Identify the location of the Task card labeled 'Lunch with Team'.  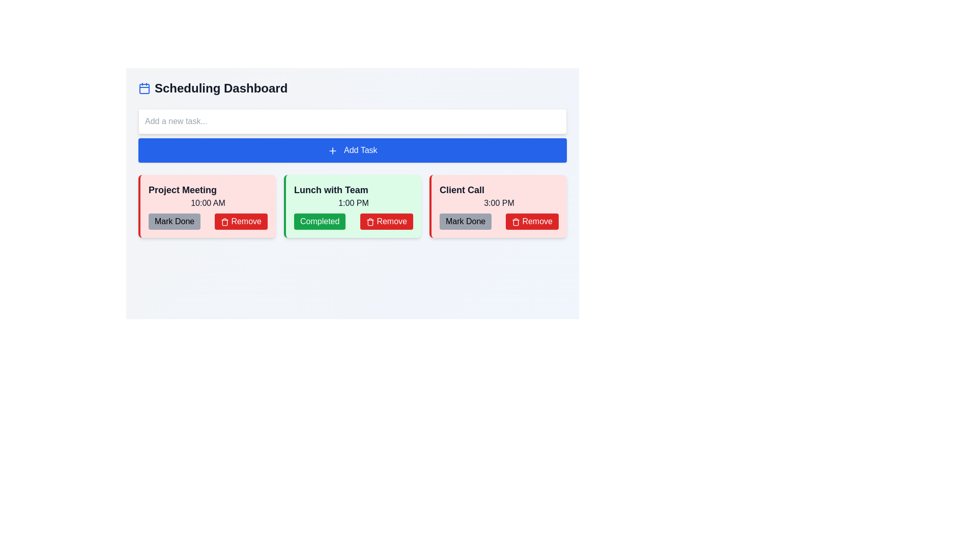
(352, 172).